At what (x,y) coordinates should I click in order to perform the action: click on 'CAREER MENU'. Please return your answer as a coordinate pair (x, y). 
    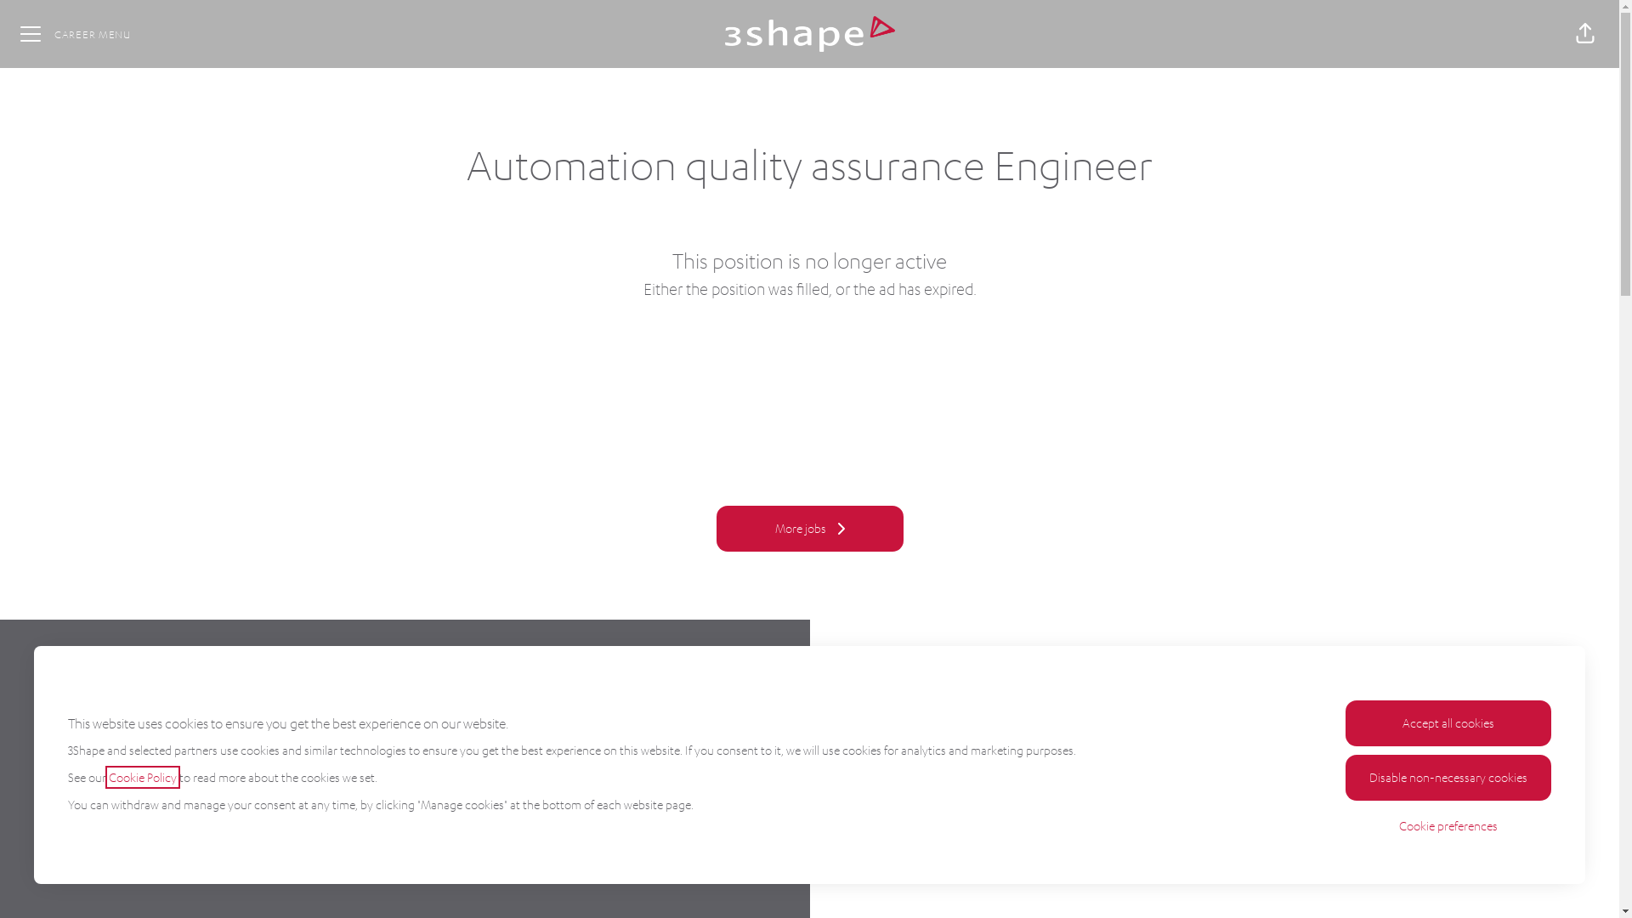
    Looking at the image, I should click on (7, 33).